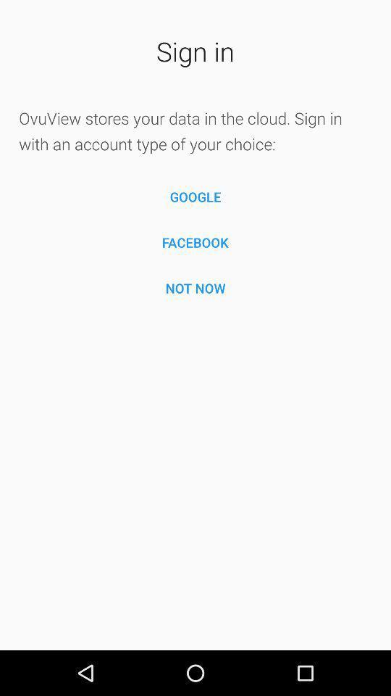 The height and width of the screenshot is (696, 391). What do you see at coordinates (195, 287) in the screenshot?
I see `not now item` at bounding box center [195, 287].